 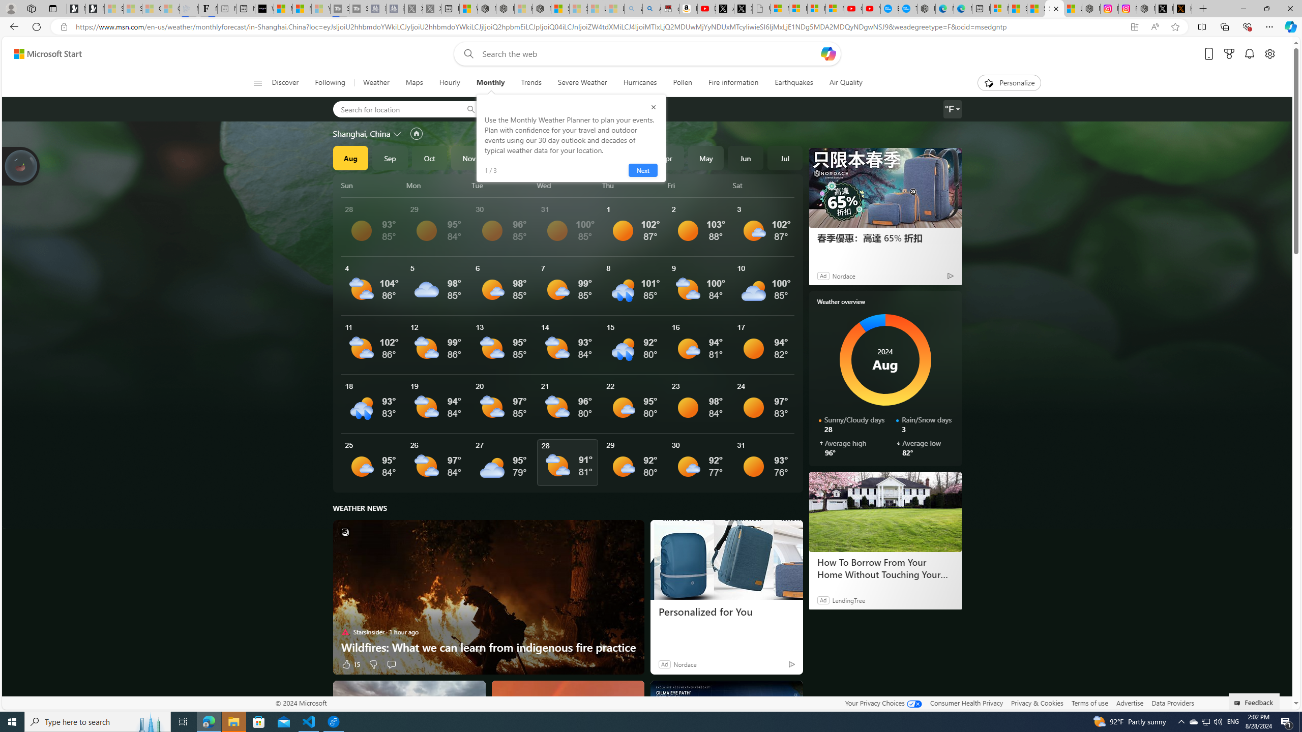 I want to click on 'Open navigation menu', so click(x=257, y=82).